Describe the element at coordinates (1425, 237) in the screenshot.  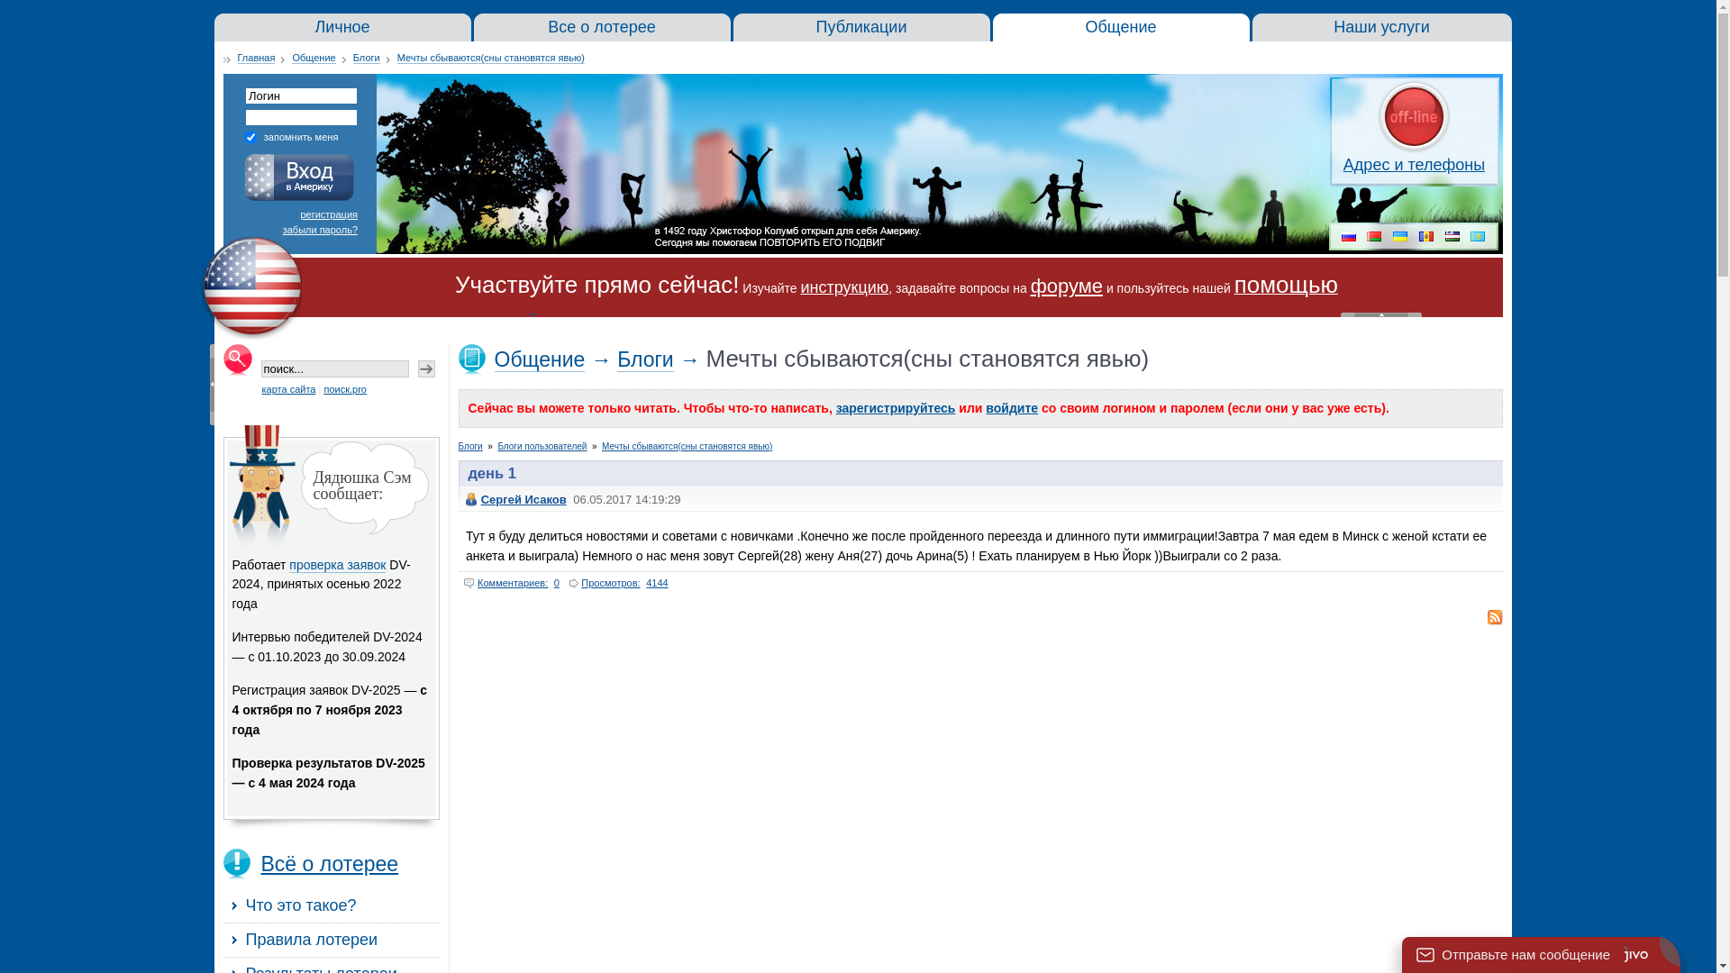
I see `'md'` at that location.